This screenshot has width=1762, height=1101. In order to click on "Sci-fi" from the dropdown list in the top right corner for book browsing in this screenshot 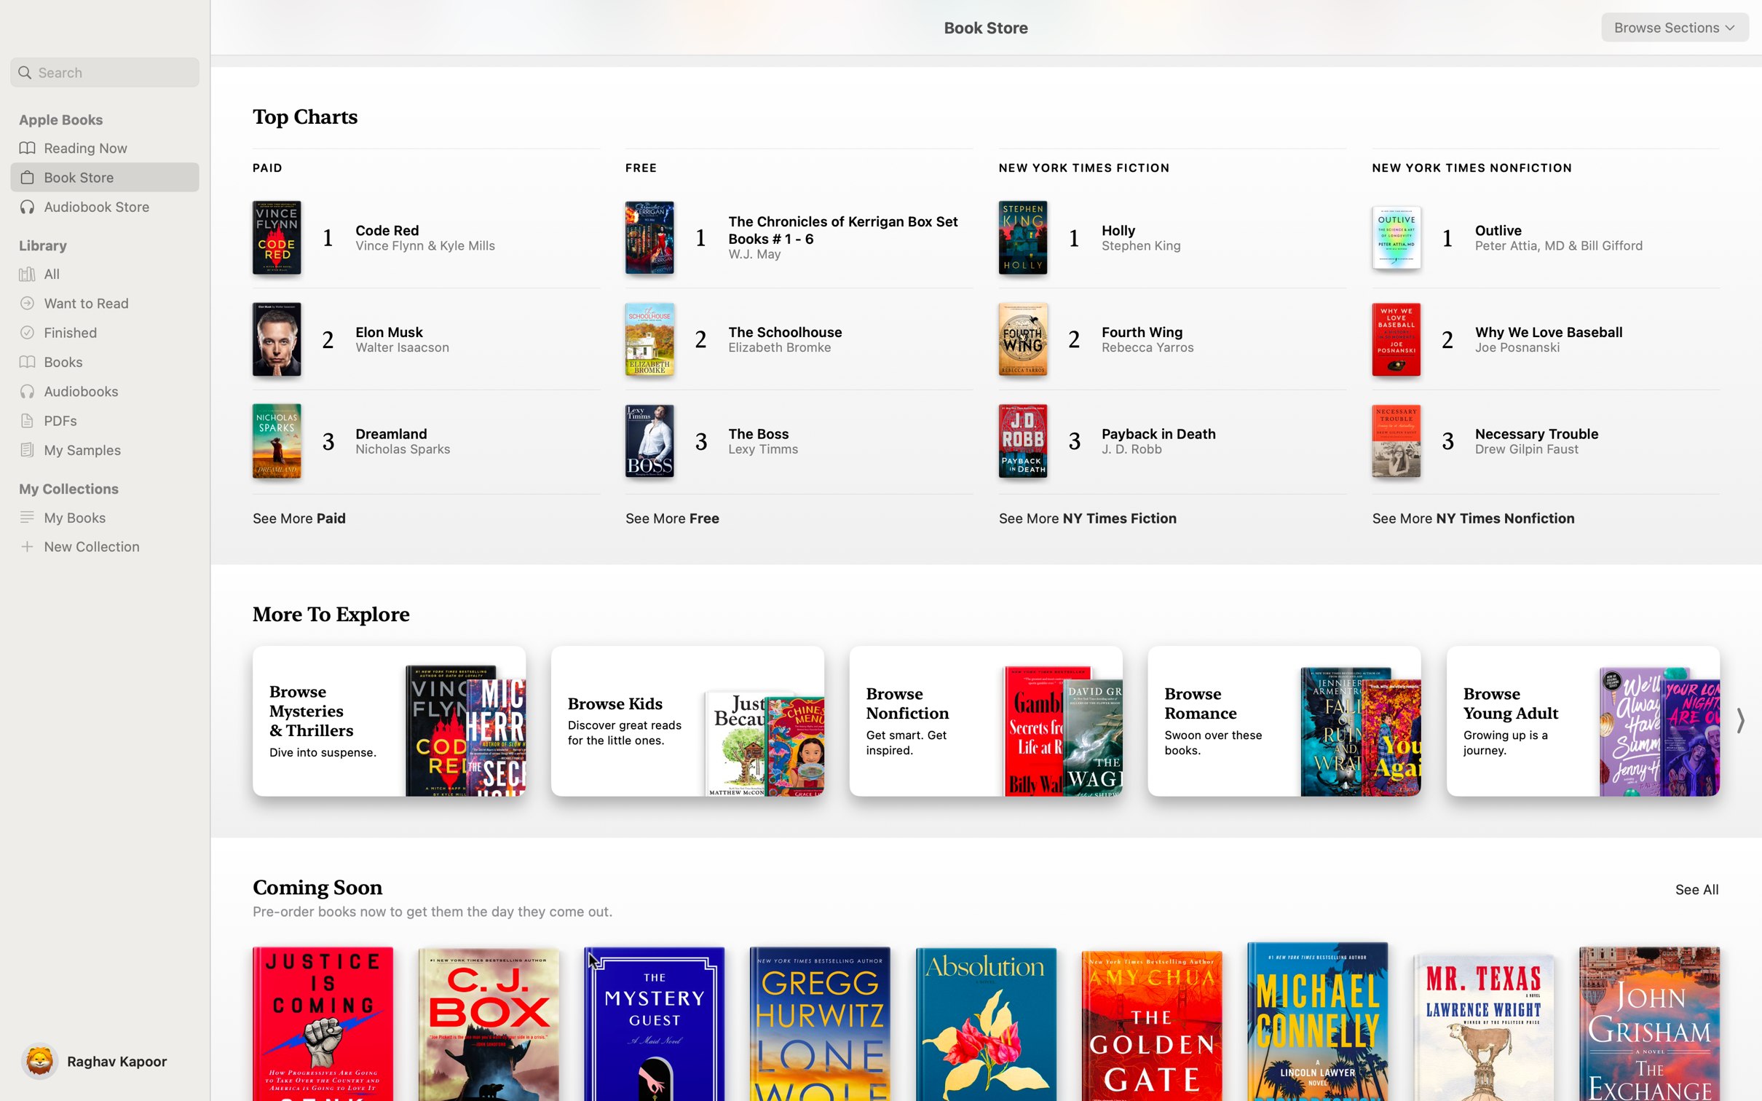, I will do `click(1675, 27)`.